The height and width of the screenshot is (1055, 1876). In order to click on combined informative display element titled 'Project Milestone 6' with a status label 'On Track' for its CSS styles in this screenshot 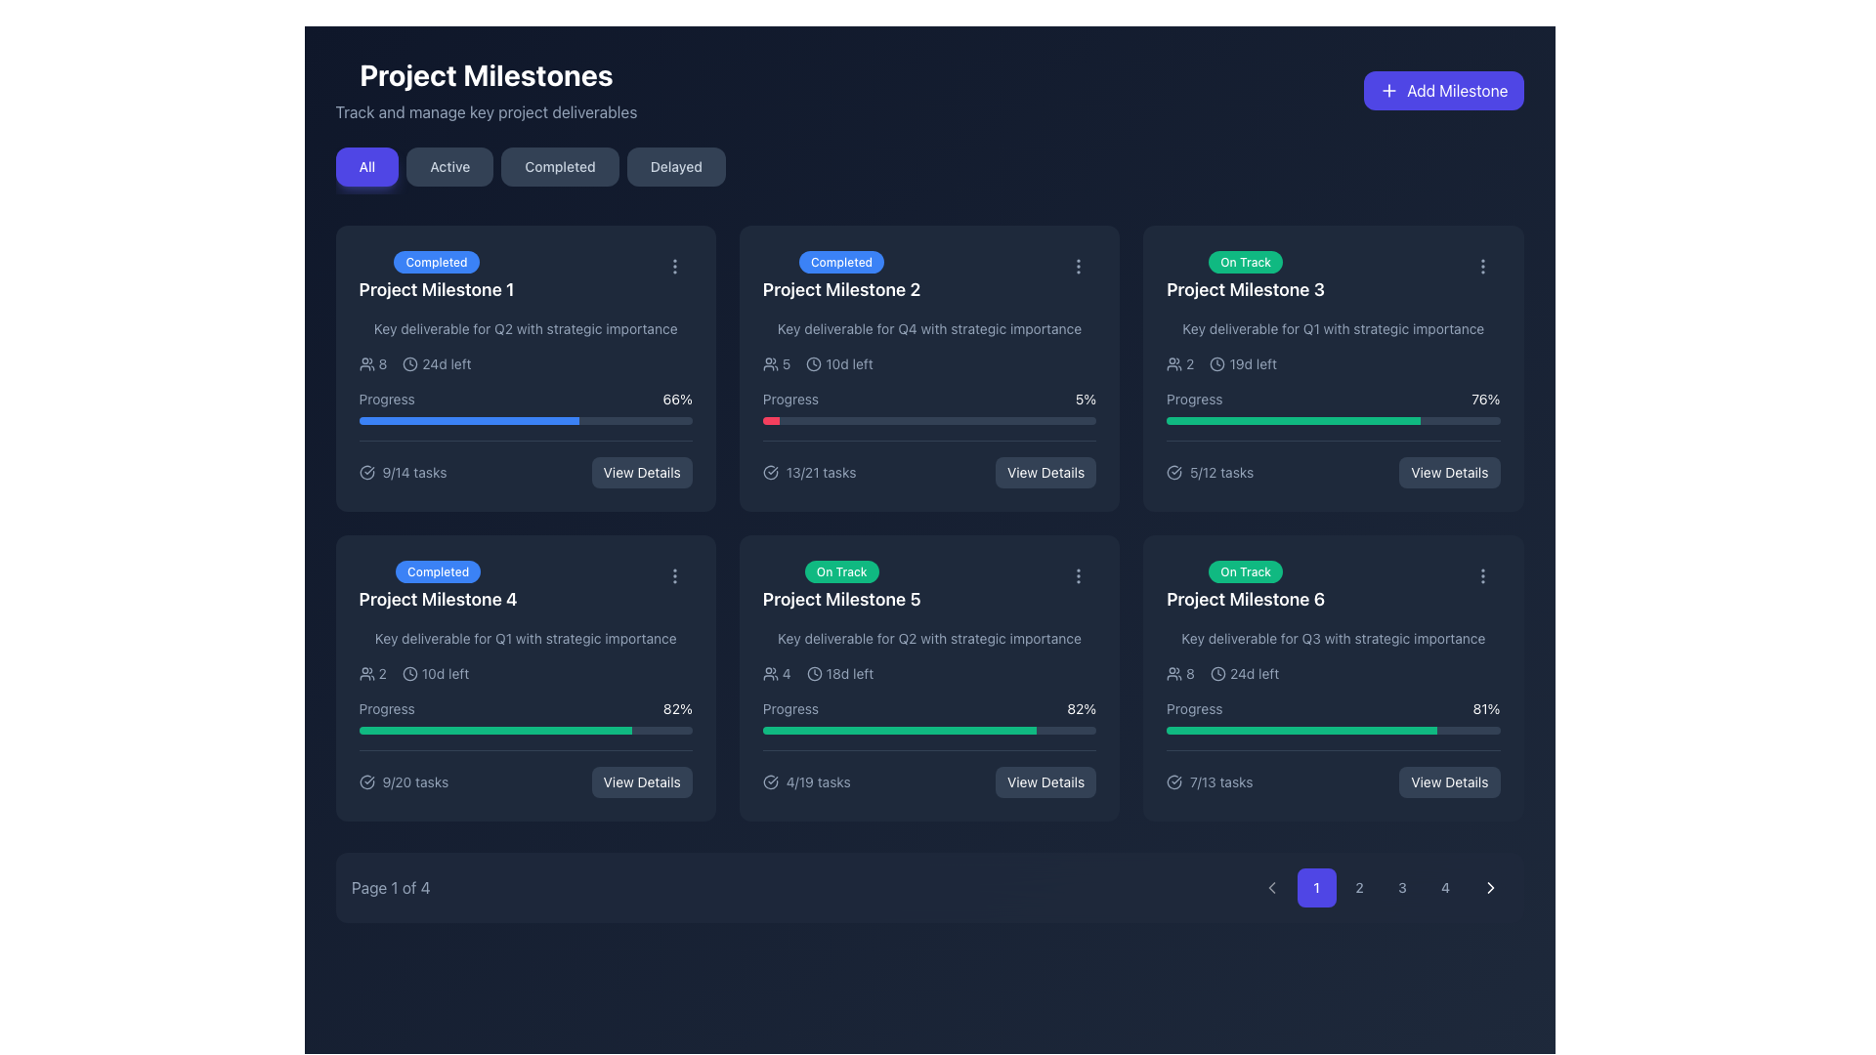, I will do `click(1332, 585)`.